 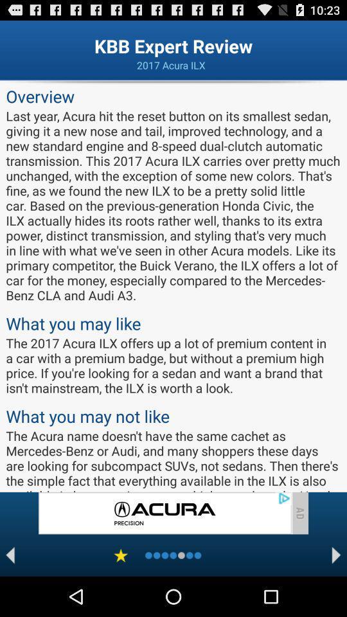 I want to click on advertisement page, so click(x=165, y=513).